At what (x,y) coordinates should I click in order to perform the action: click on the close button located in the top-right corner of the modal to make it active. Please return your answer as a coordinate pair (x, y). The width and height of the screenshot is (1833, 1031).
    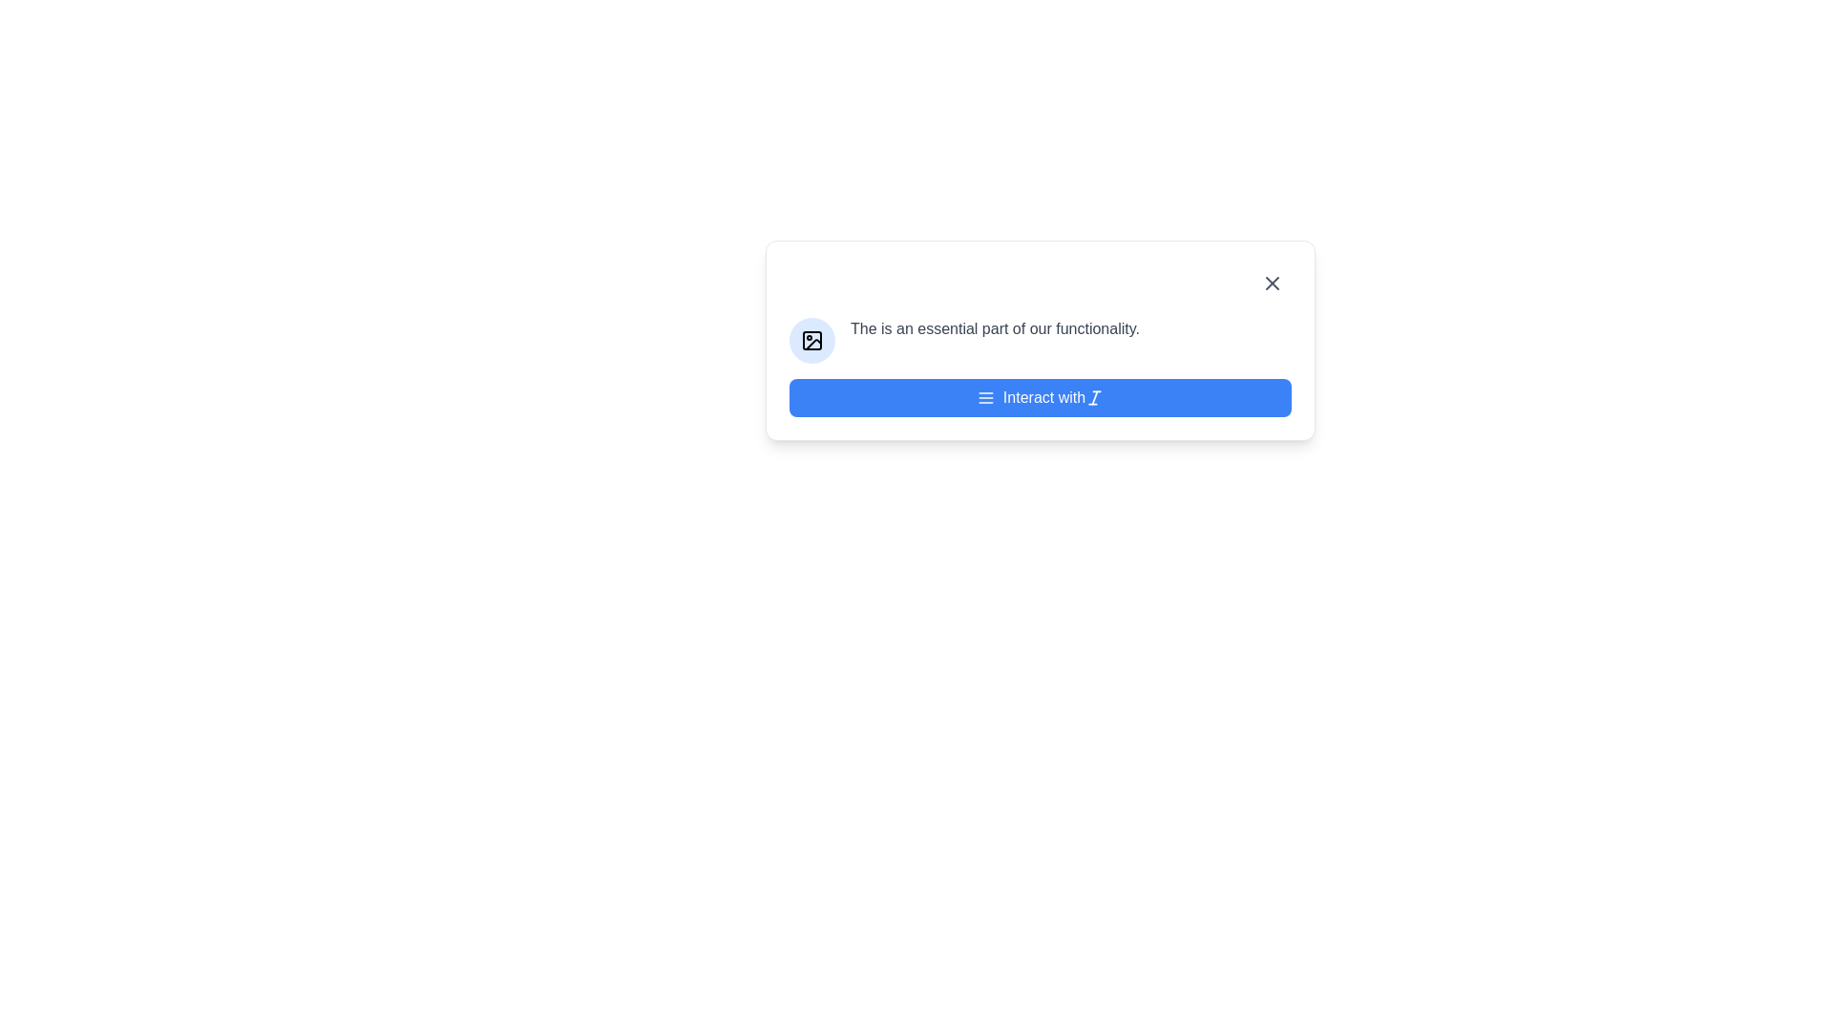
    Looking at the image, I should click on (1273, 284).